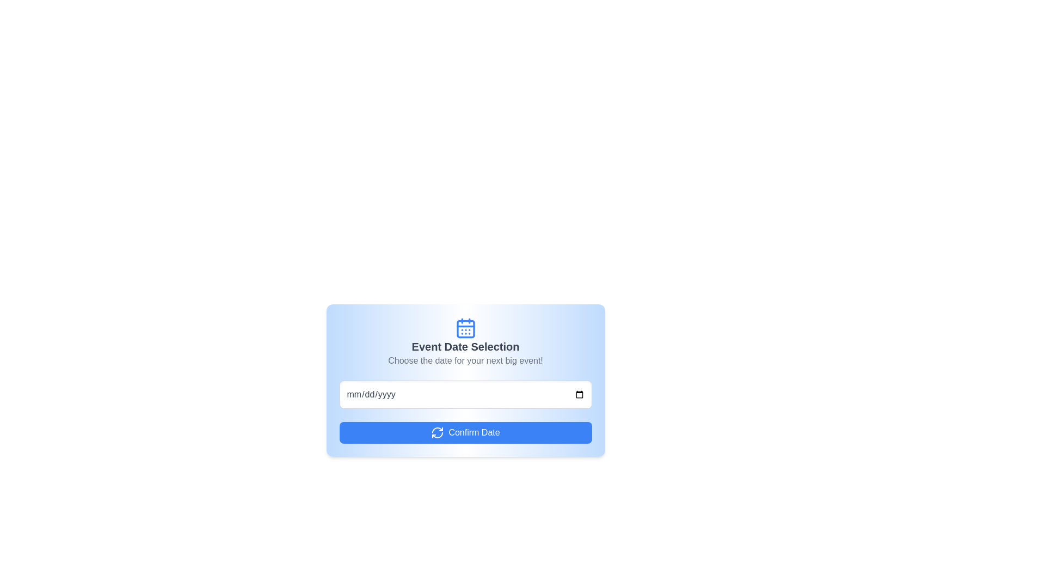 This screenshot has height=588, width=1045. What do you see at coordinates (438, 432) in the screenshot?
I see `the circular refresh icon that is part of the 'Confirm Date' button, which is colored white on a blue background and located adjacent to the text label 'Confirm Date.'` at bounding box center [438, 432].